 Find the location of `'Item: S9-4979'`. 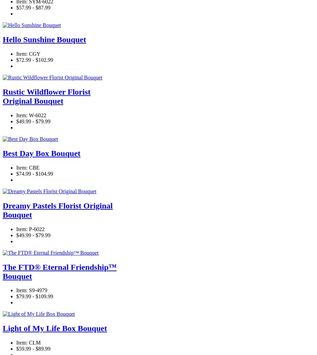

'Item: S9-4979' is located at coordinates (31, 290).